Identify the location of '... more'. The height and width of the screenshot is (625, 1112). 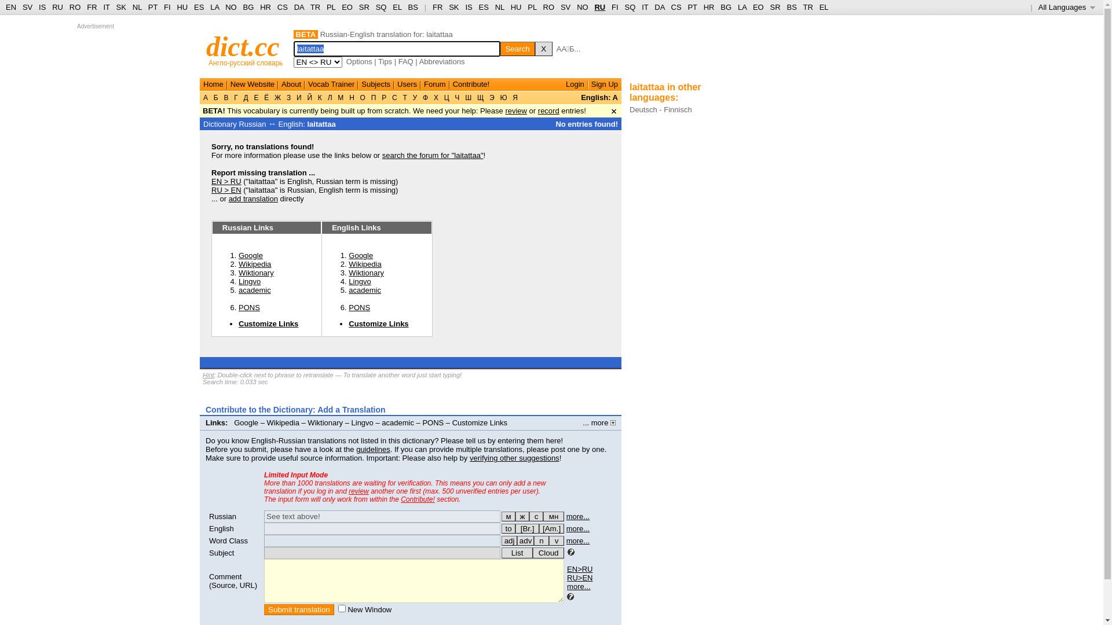
(583, 422).